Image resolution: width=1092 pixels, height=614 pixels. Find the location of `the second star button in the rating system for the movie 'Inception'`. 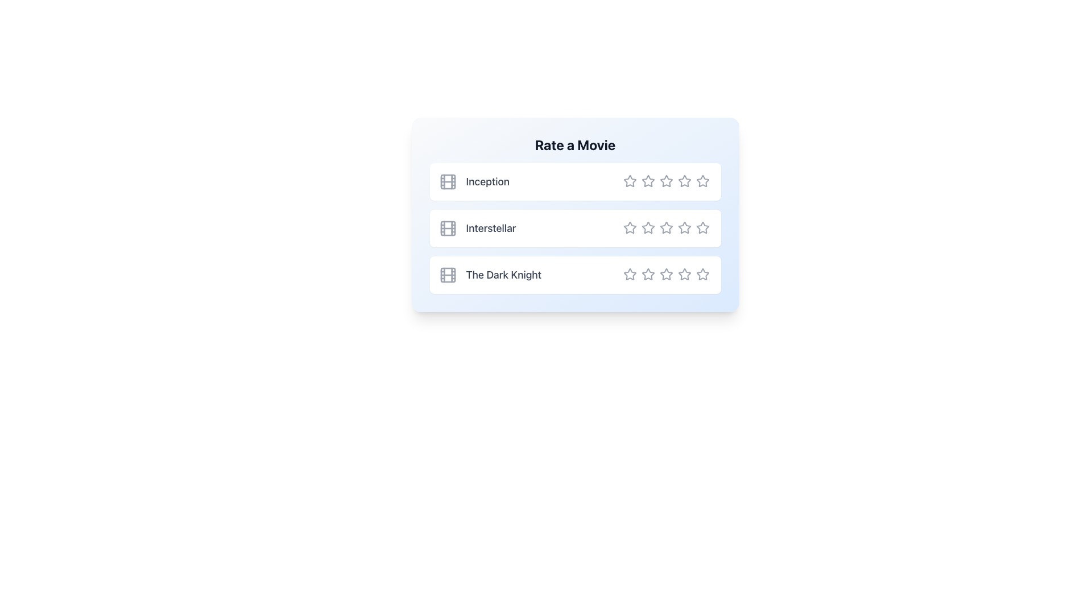

the second star button in the rating system for the movie 'Inception' is located at coordinates (648, 180).